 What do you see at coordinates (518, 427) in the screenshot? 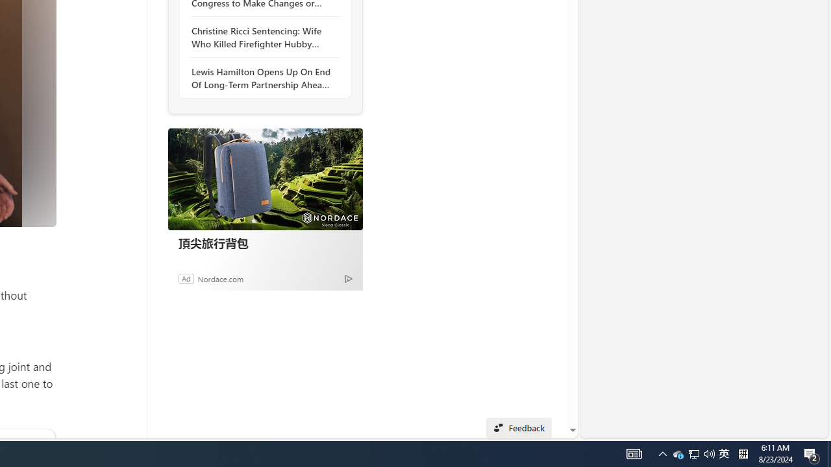
I see `'Feedback'` at bounding box center [518, 427].